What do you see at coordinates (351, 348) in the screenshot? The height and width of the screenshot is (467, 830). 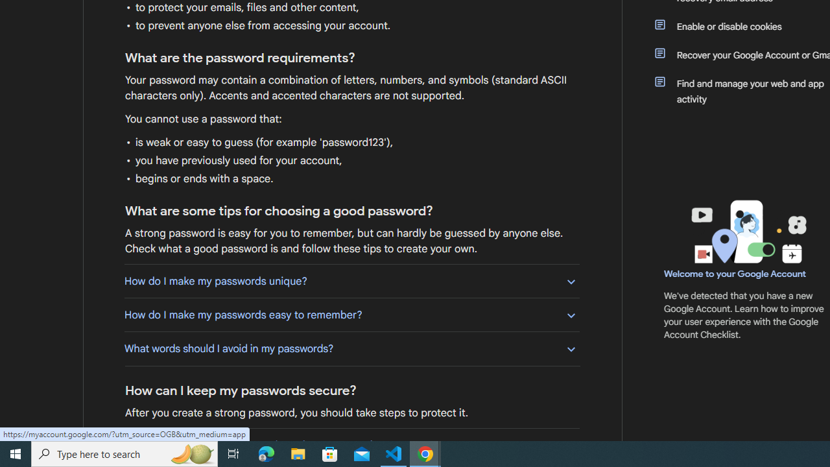 I see `'What words should I avoid in my passwords?'` at bounding box center [351, 348].